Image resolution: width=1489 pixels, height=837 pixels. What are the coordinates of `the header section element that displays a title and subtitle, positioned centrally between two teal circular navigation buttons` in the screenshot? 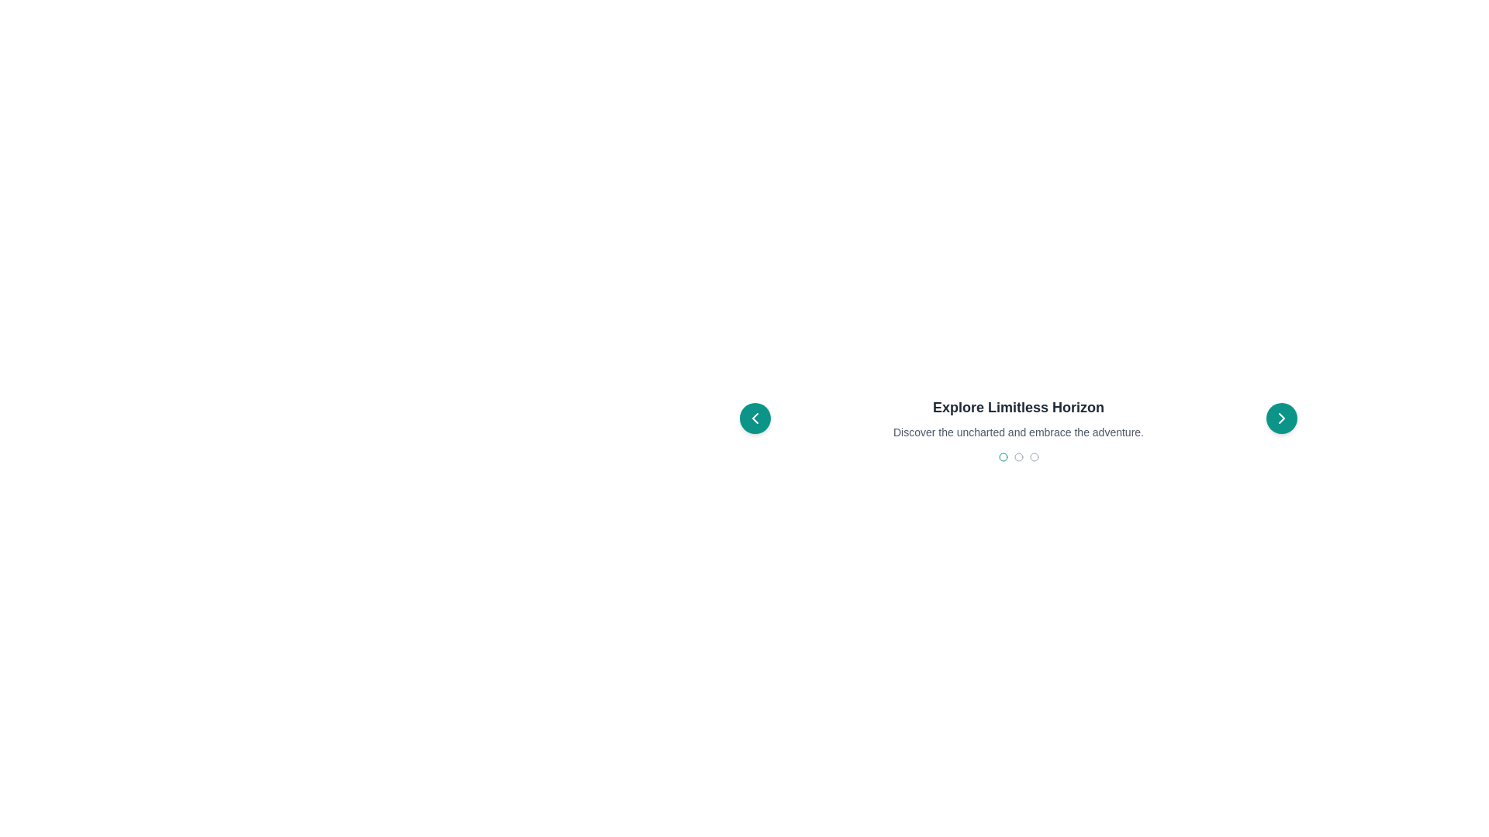 It's located at (1018, 418).